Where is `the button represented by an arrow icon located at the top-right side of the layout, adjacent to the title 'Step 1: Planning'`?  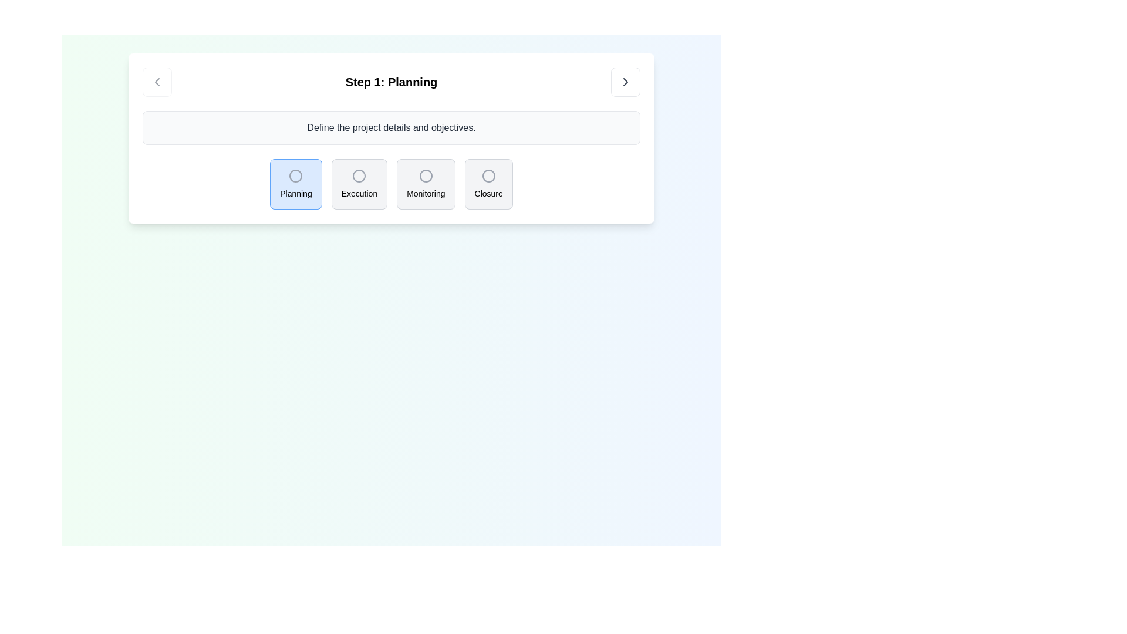
the button represented by an arrow icon located at the top-right side of the layout, adjacent to the title 'Step 1: Planning' is located at coordinates (625, 81).